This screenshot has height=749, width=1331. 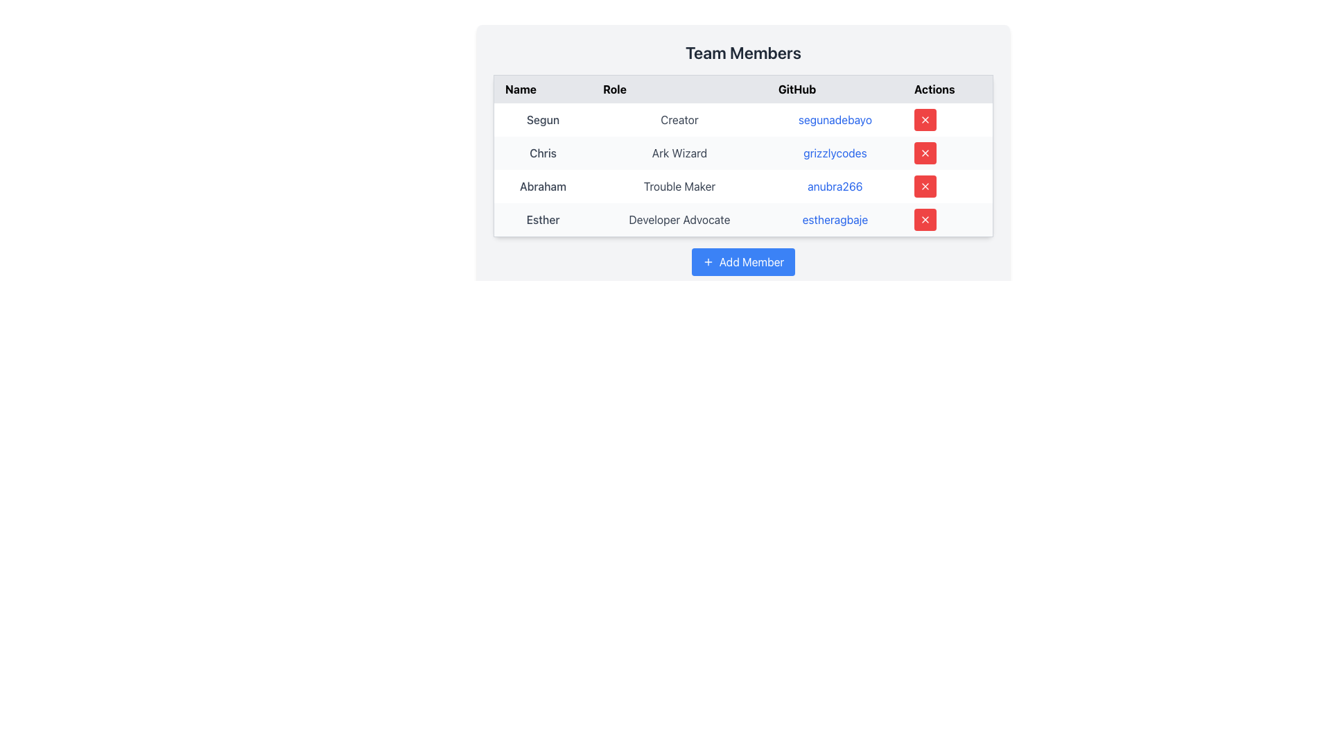 I want to click on the delete button located in the 'Actions' column of the table for the row corresponding to 'Chris' and 'Ark Wizard', so click(x=947, y=153).